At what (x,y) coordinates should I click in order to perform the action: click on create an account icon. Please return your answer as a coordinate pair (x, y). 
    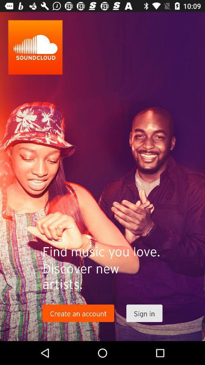
    Looking at the image, I should click on (78, 313).